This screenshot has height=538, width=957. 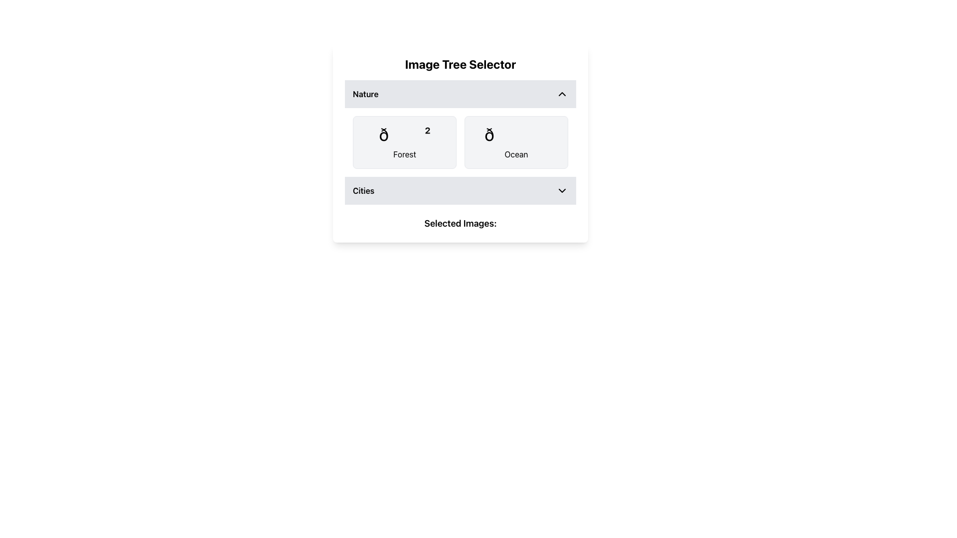 What do you see at coordinates (562, 94) in the screenshot?
I see `the upward chevron-shaped icon located on the right side of the 'Nature' title bar` at bounding box center [562, 94].